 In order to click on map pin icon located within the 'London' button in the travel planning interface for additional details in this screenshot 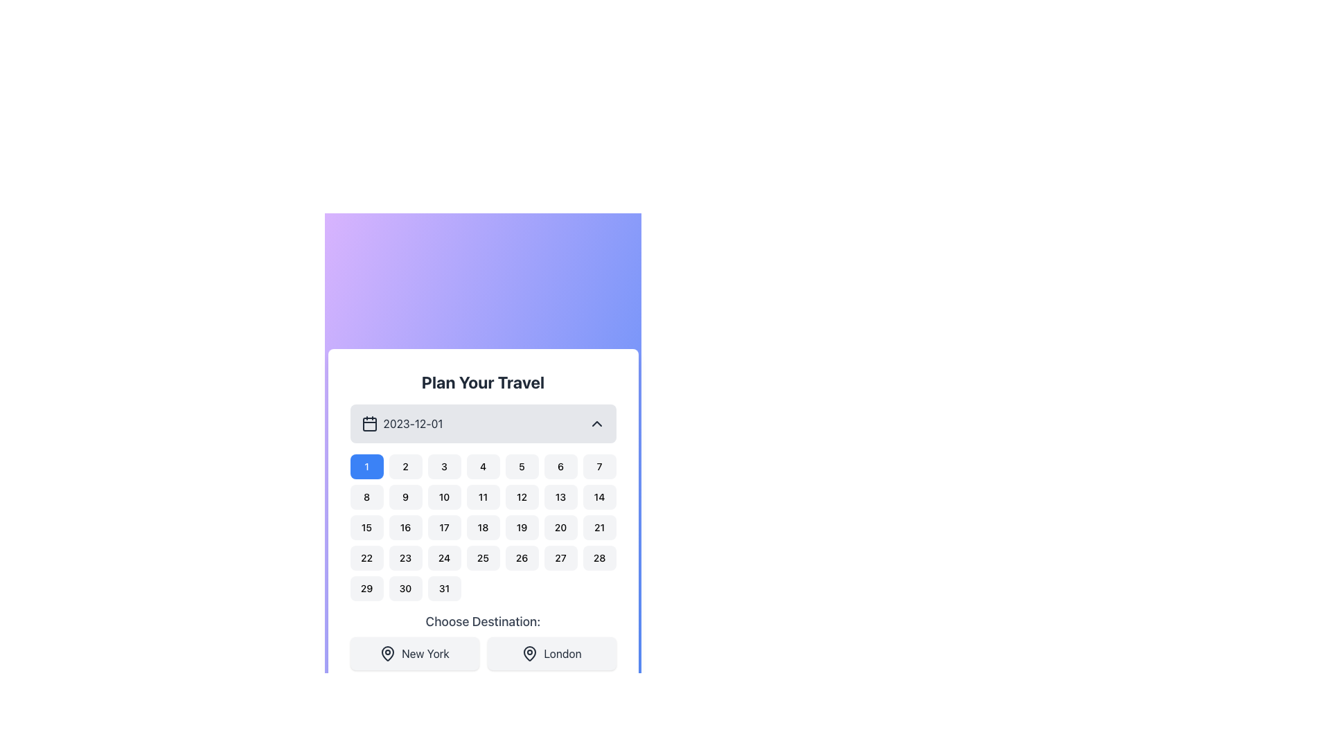, I will do `click(529, 654)`.